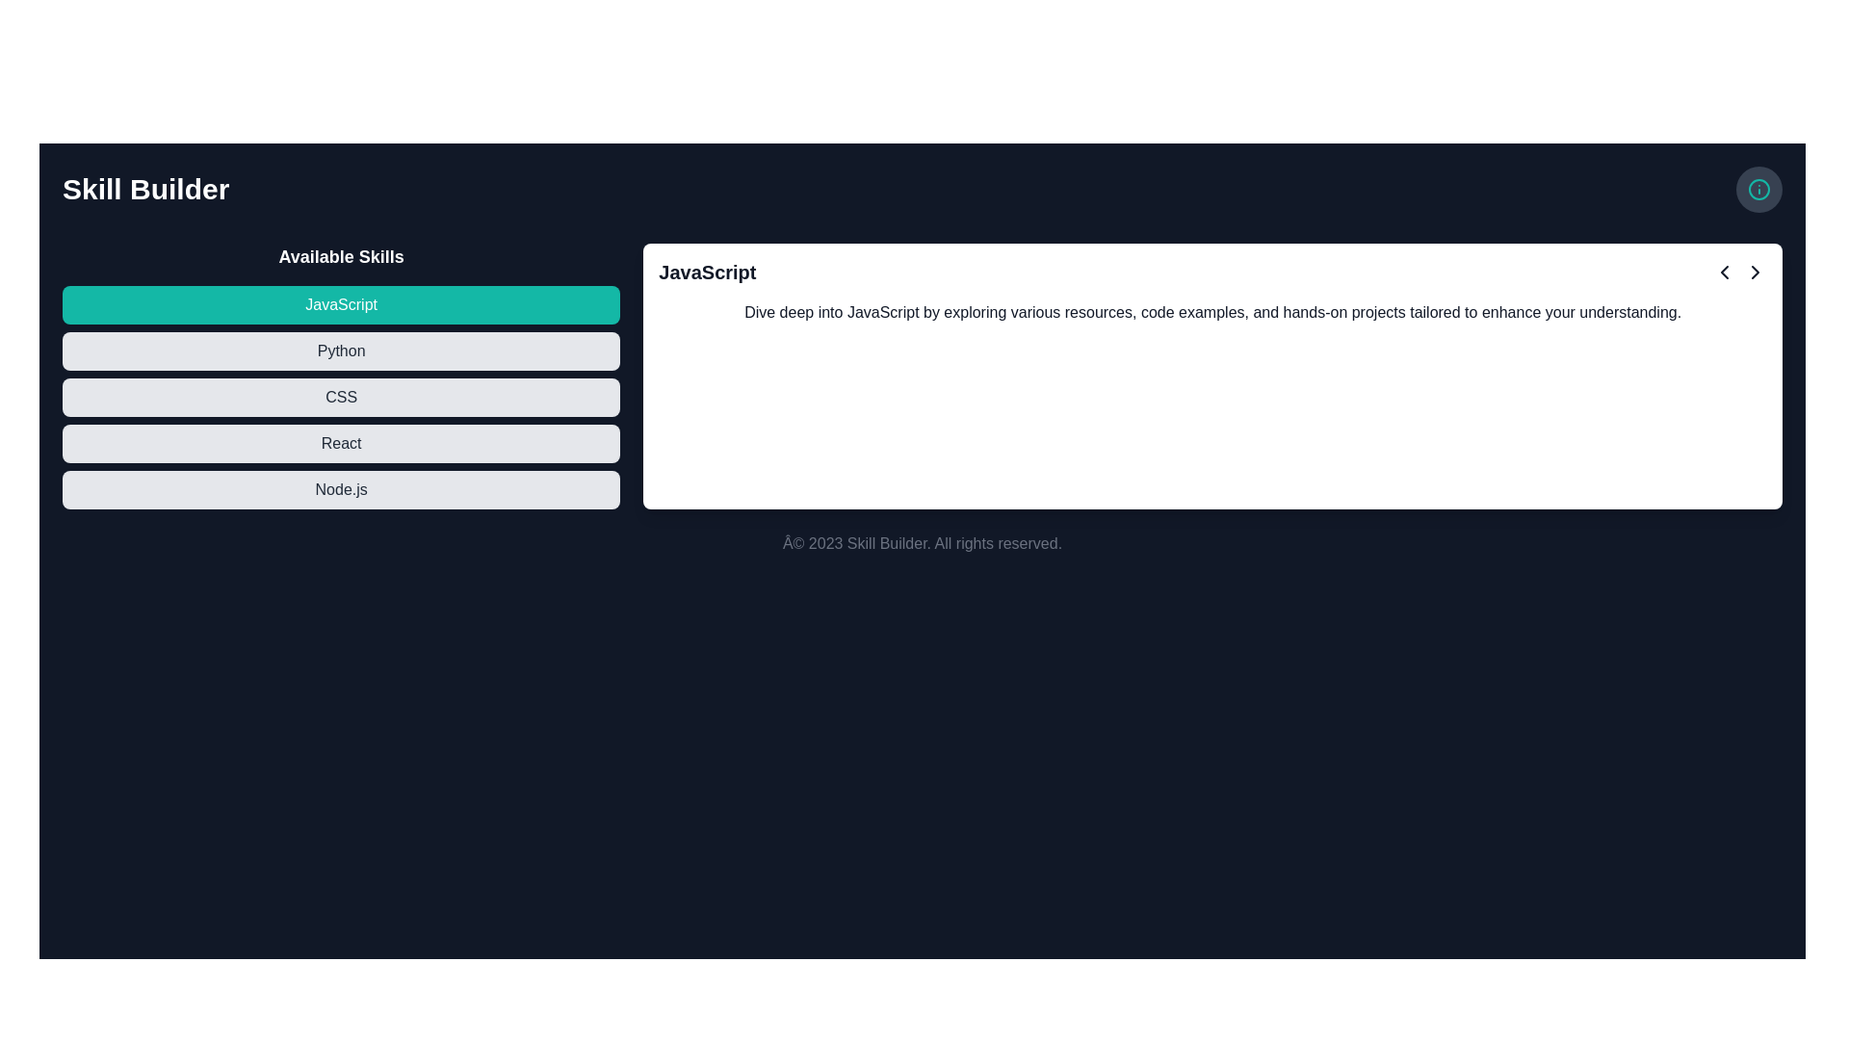 This screenshot has width=1849, height=1040. I want to click on the 'Back' action icon (Chevron/Arrow) located at the top-right corner of the white informational card, so click(1724, 272).